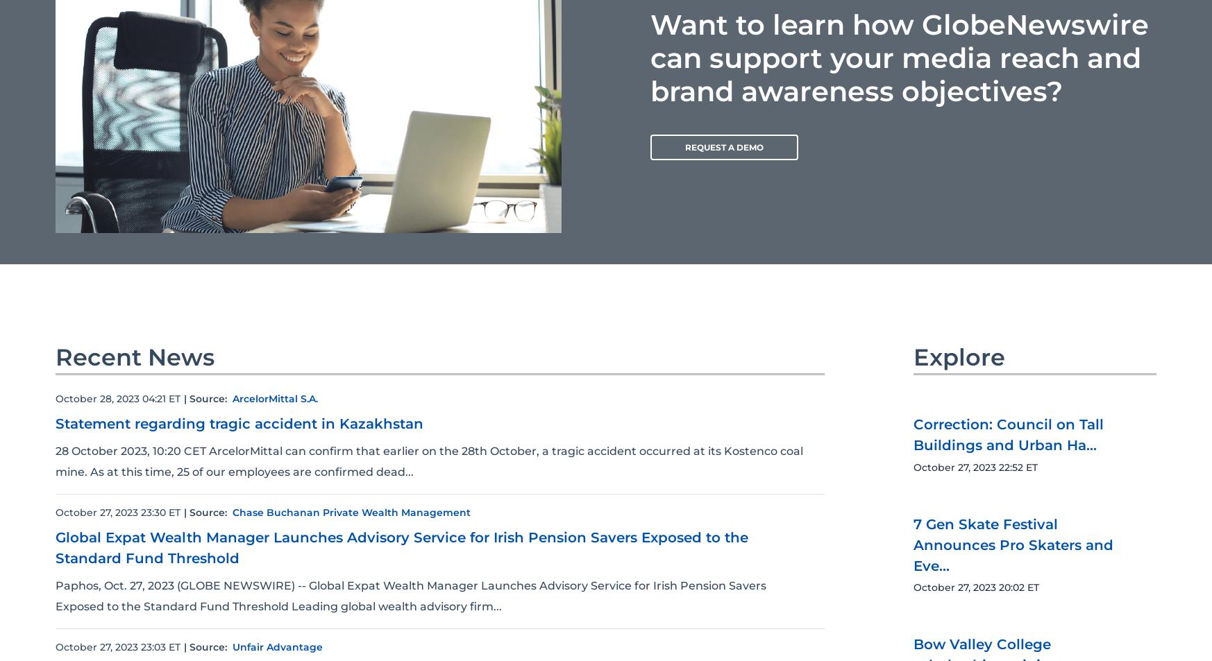 Image resolution: width=1212 pixels, height=661 pixels. What do you see at coordinates (401, 548) in the screenshot?
I see `'Global Expat Wealth Manager Launches Advisory Service for Irish Pension Savers Exposed to the Standard Fund Threshold'` at bounding box center [401, 548].